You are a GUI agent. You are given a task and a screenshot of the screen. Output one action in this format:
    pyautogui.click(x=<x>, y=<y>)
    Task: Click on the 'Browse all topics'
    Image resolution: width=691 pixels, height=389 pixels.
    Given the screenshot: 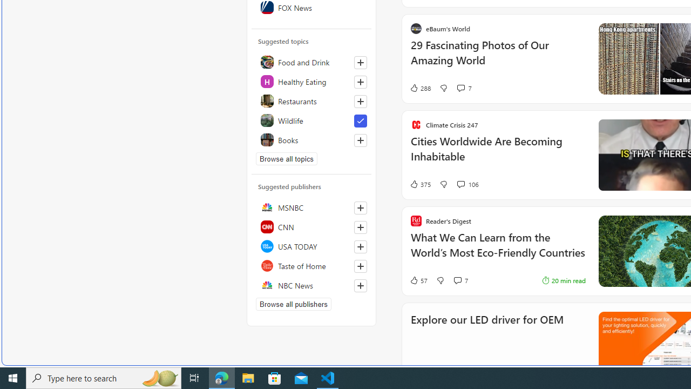 What is the action you would take?
    pyautogui.click(x=287, y=159)
    